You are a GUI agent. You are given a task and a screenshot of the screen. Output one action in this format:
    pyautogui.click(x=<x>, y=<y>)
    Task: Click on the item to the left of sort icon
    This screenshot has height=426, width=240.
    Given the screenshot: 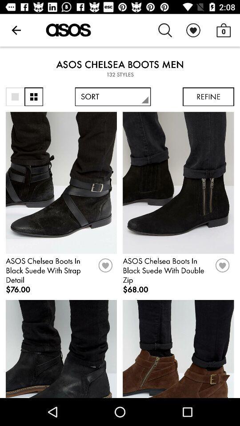 What is the action you would take?
    pyautogui.click(x=33, y=97)
    